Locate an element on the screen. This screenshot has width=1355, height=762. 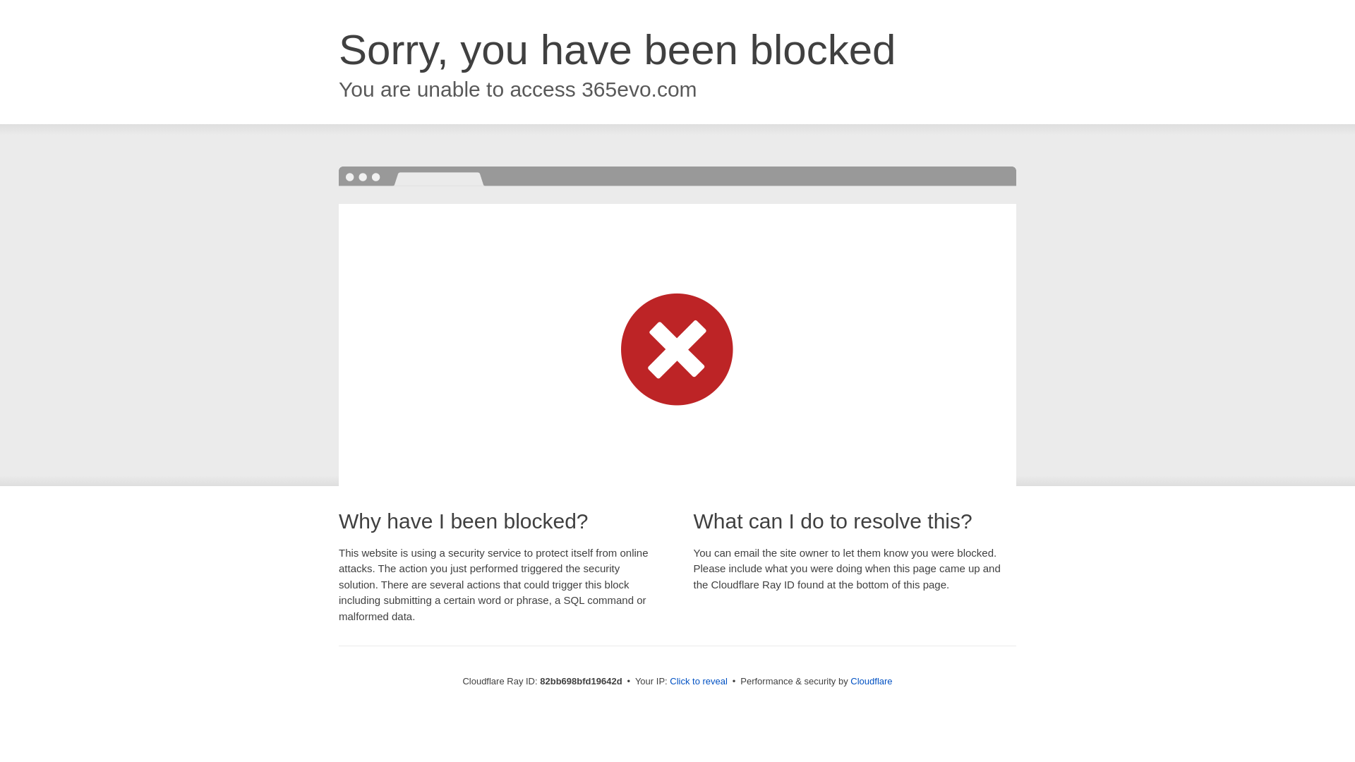
'Click to reveal' is located at coordinates (669, 680).